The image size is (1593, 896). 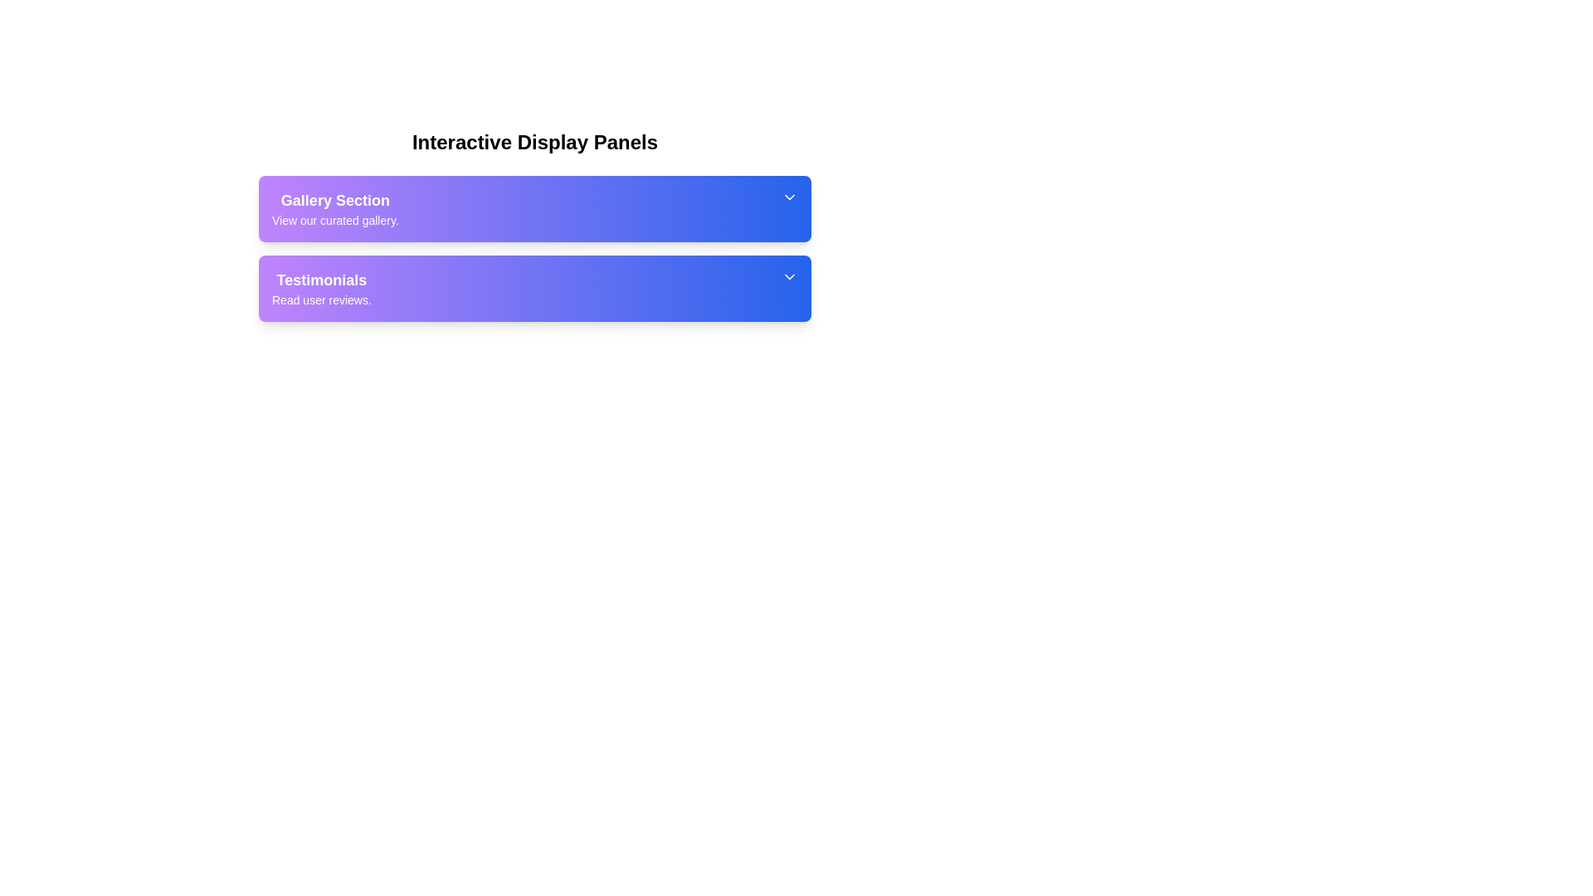 What do you see at coordinates (334, 220) in the screenshot?
I see `the non-interactive text label providing additional descriptive information about the 'Gallery Section', which is positioned beneath the 'Gallery Section' text within the purple gradient box` at bounding box center [334, 220].